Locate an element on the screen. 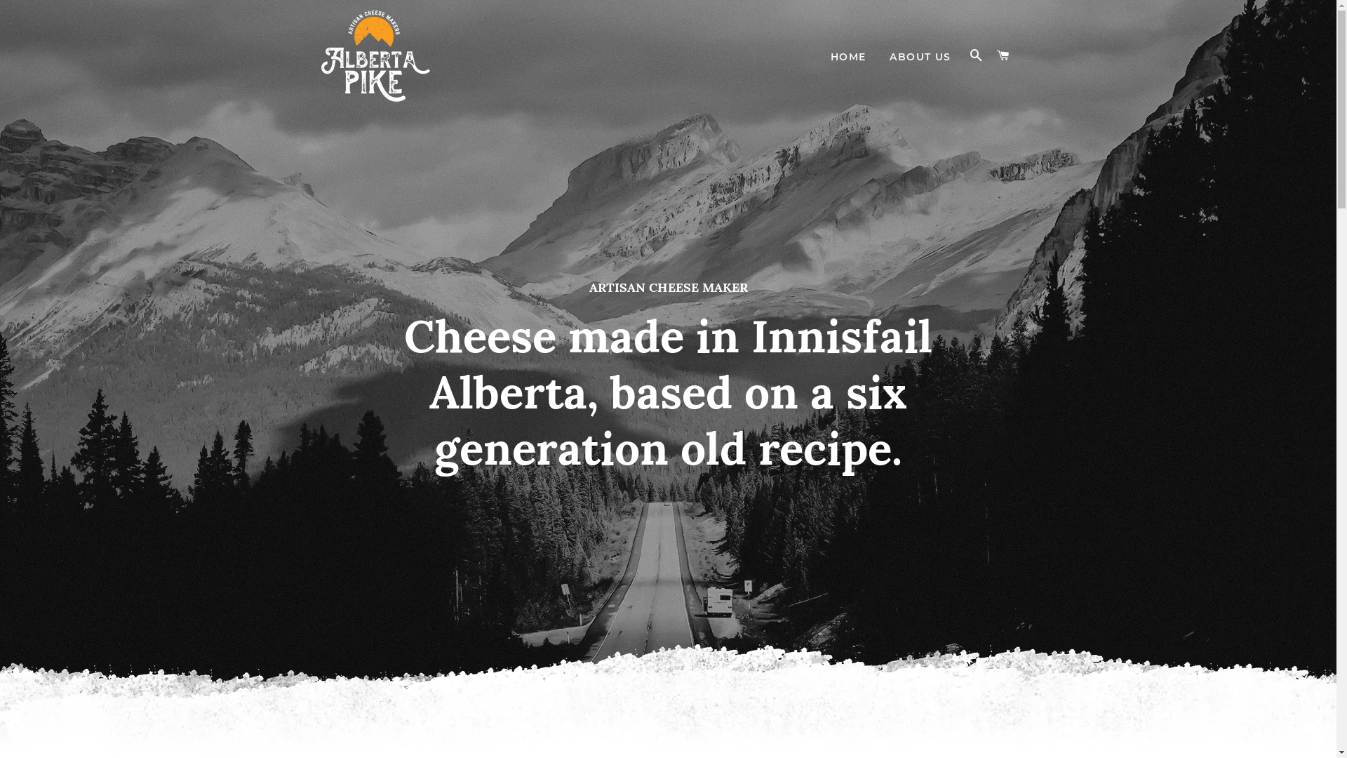  'CART' is located at coordinates (1003, 55).